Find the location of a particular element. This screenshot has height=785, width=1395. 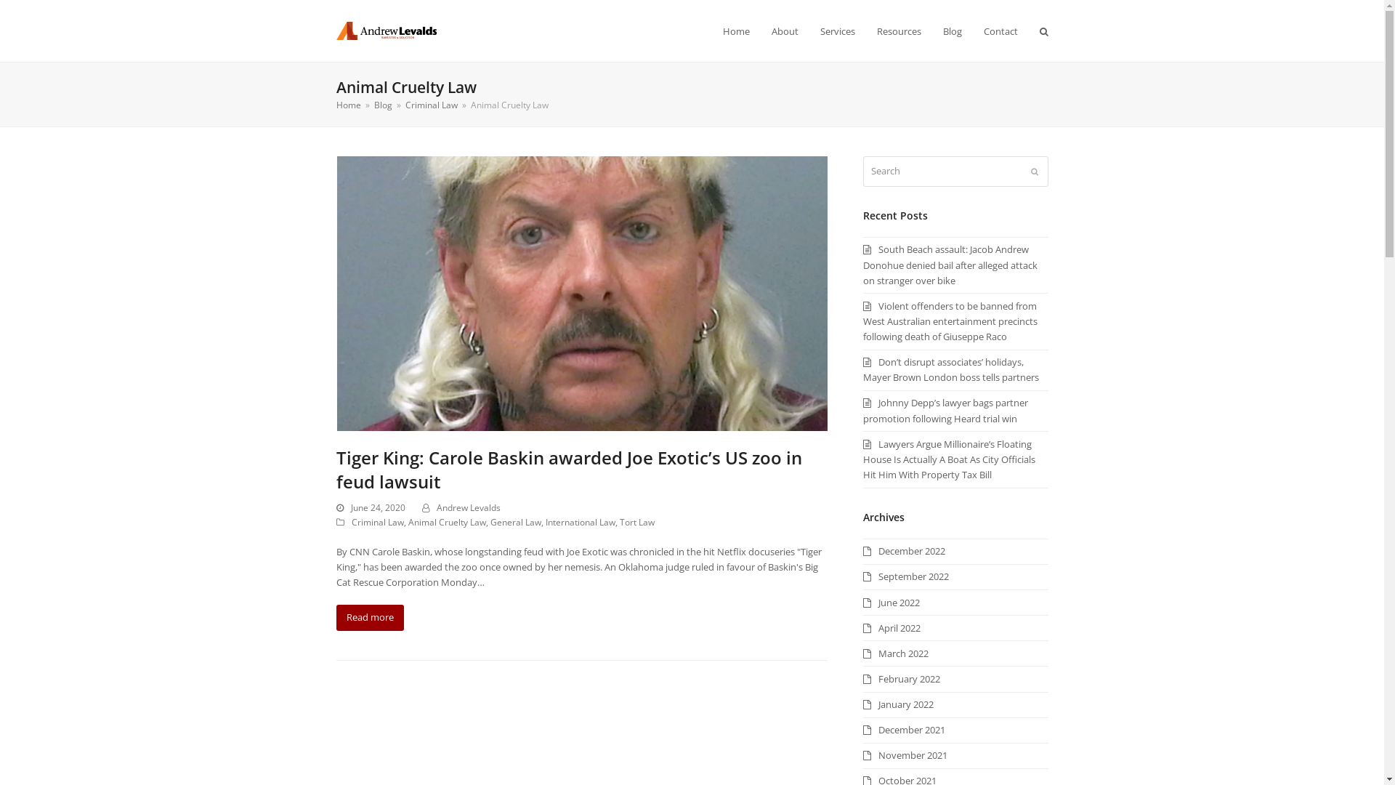

'Blog' is located at coordinates (952, 31).